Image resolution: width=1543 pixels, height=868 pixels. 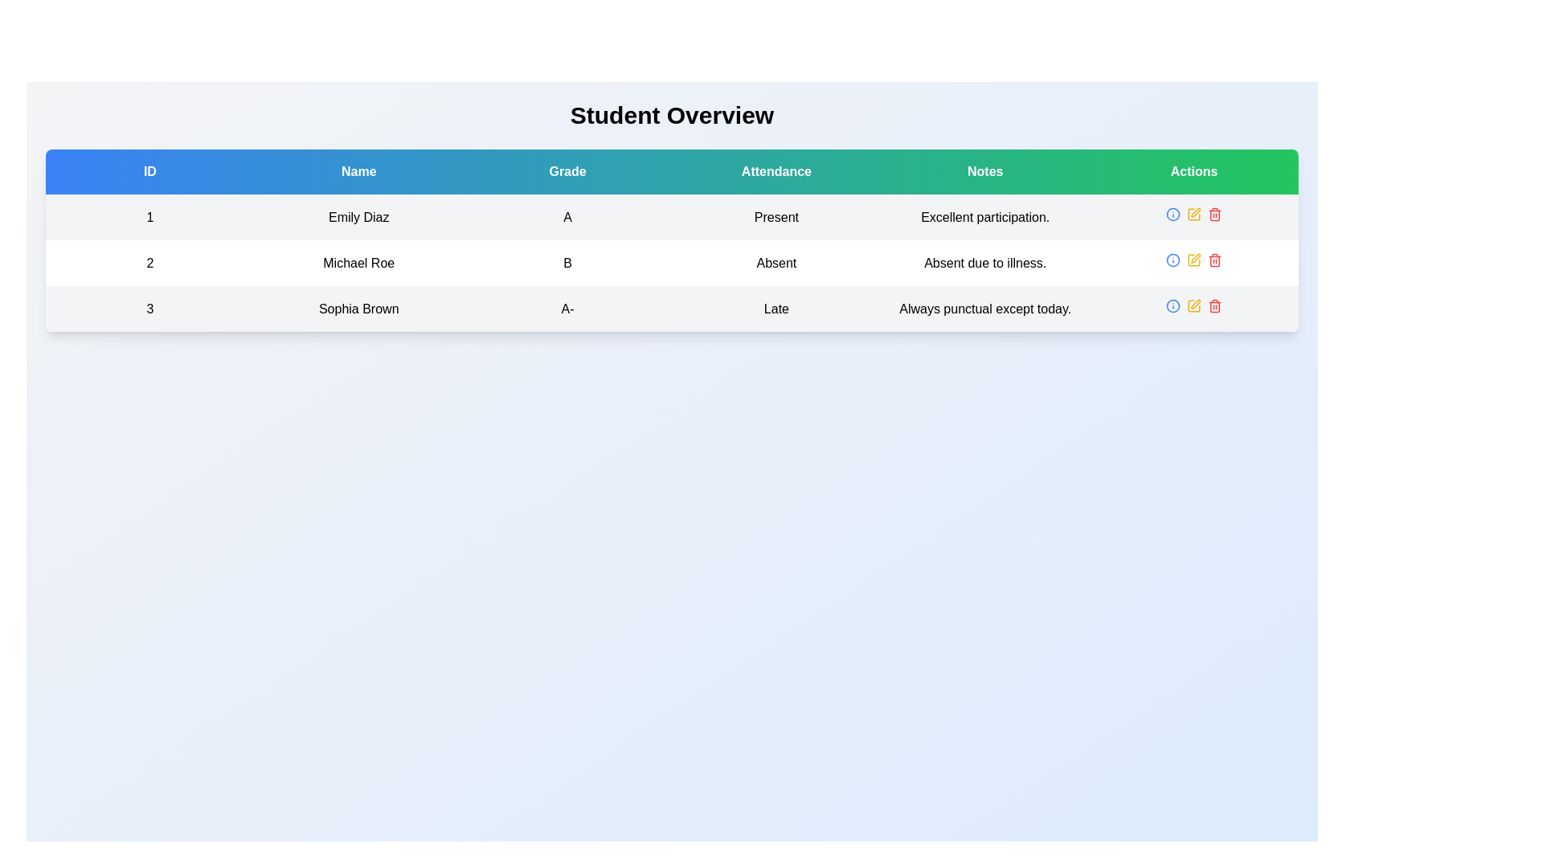 What do you see at coordinates (984, 262) in the screenshot?
I see `static text element located in the last column of the second row in the 'Notes' section of the table, which provides additional information about the reason for the individual's absence` at bounding box center [984, 262].